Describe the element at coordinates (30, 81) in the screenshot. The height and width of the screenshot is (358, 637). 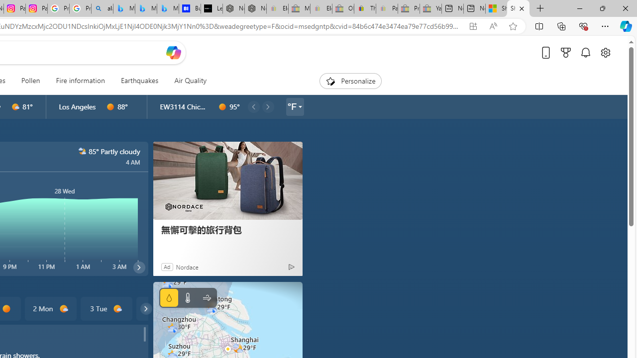
I see `'Pollen'` at that location.